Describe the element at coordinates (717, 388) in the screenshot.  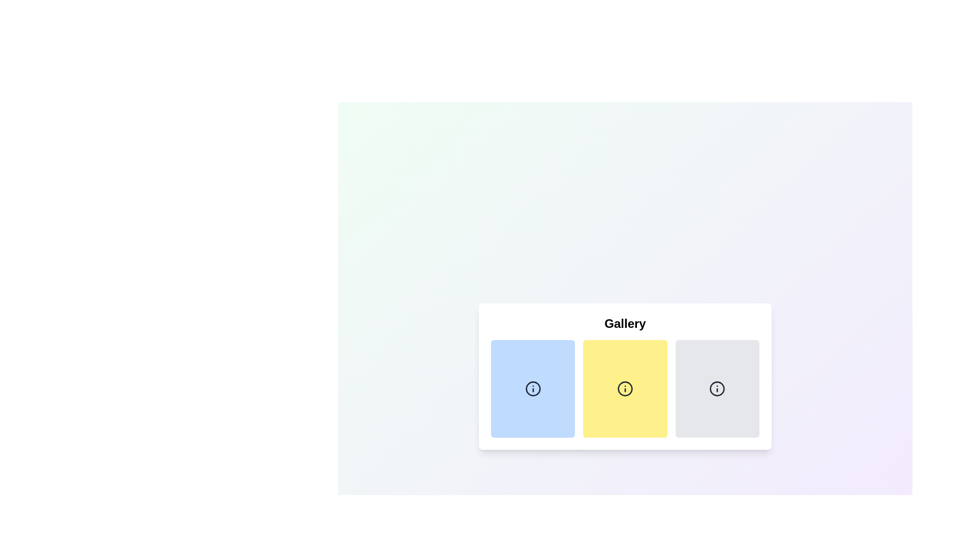
I see `the dark gray circular icon within the SVG of the third card in a three-card layout` at that location.